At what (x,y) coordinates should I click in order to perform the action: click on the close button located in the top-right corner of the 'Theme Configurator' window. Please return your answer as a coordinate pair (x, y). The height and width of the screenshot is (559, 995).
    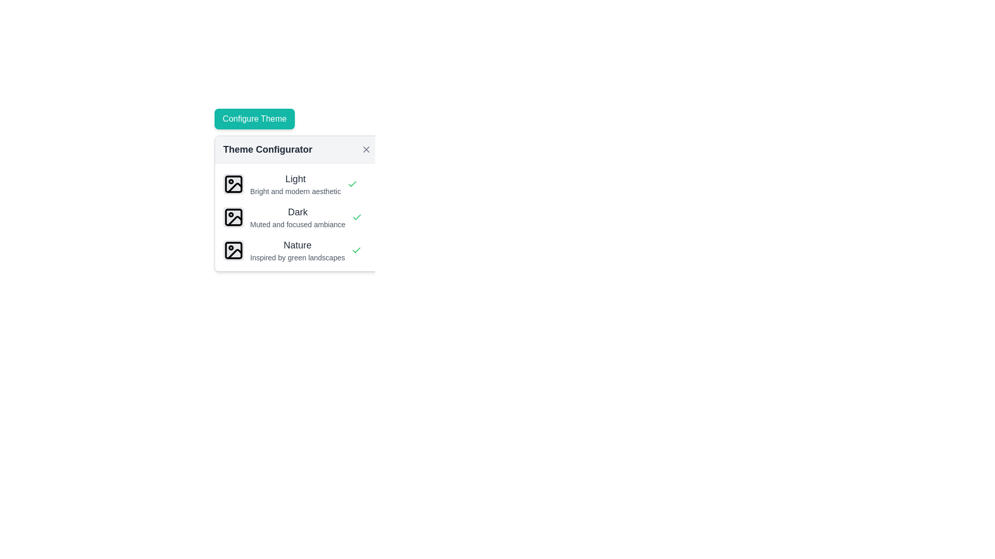
    Looking at the image, I should click on (366, 150).